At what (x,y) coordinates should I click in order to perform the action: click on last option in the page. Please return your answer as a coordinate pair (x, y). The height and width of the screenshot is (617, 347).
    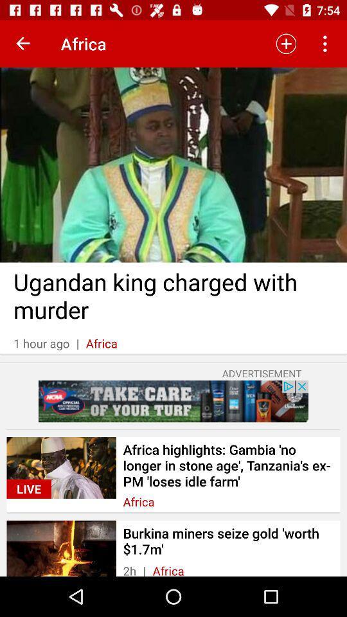
    Looking at the image, I should click on (173, 548).